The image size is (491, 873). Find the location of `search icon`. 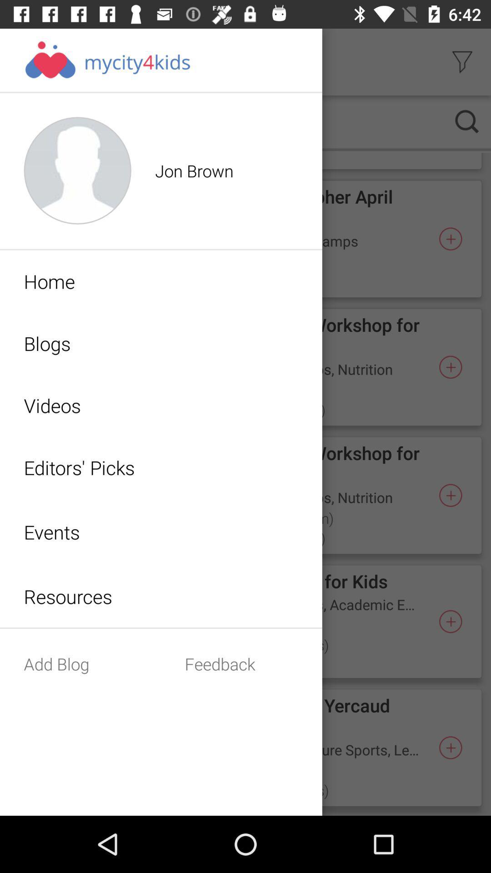

search icon is located at coordinates (467, 121).